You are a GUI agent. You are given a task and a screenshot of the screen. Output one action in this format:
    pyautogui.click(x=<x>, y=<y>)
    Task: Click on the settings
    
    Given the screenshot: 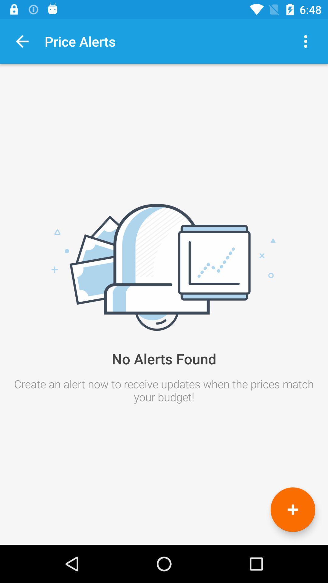 What is the action you would take?
    pyautogui.click(x=306, y=41)
    